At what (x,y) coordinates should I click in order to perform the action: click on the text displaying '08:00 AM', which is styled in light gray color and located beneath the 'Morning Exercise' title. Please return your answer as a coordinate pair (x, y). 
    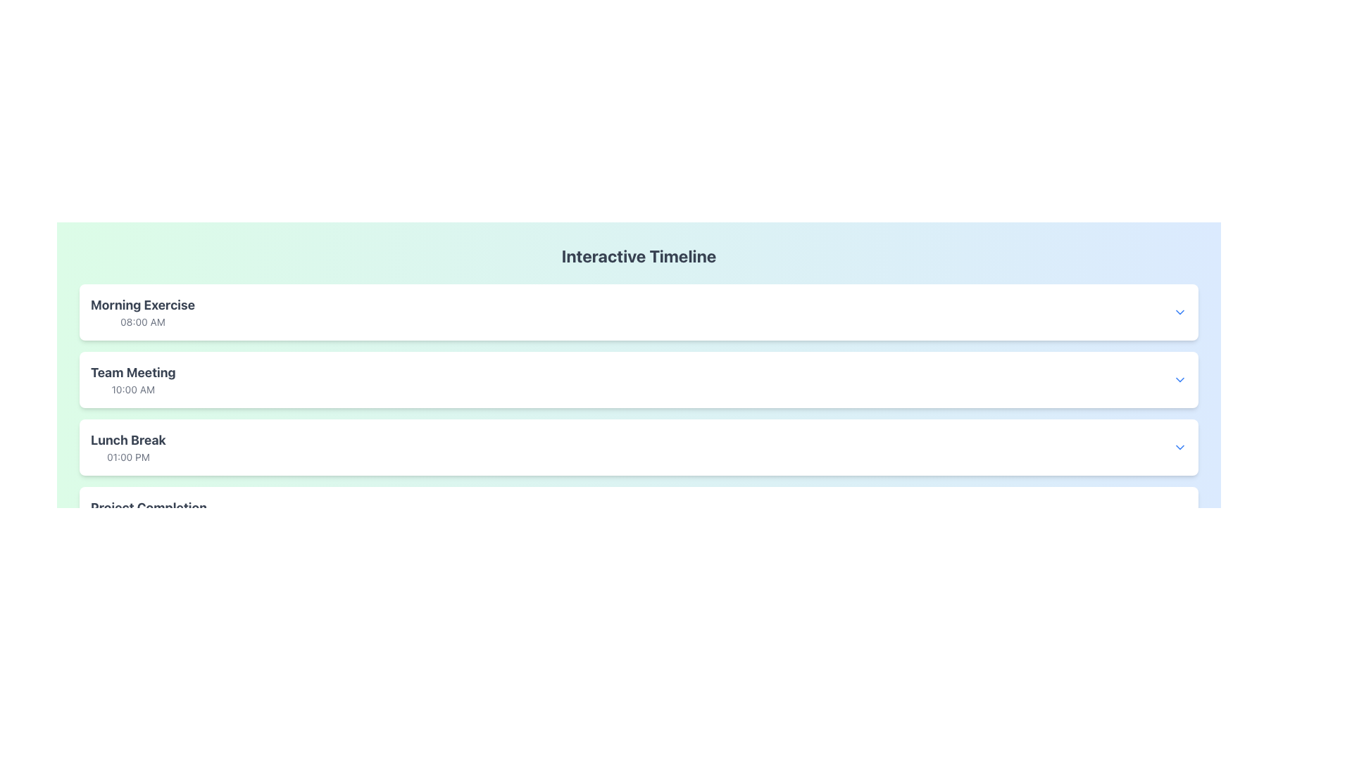
    Looking at the image, I should click on (142, 322).